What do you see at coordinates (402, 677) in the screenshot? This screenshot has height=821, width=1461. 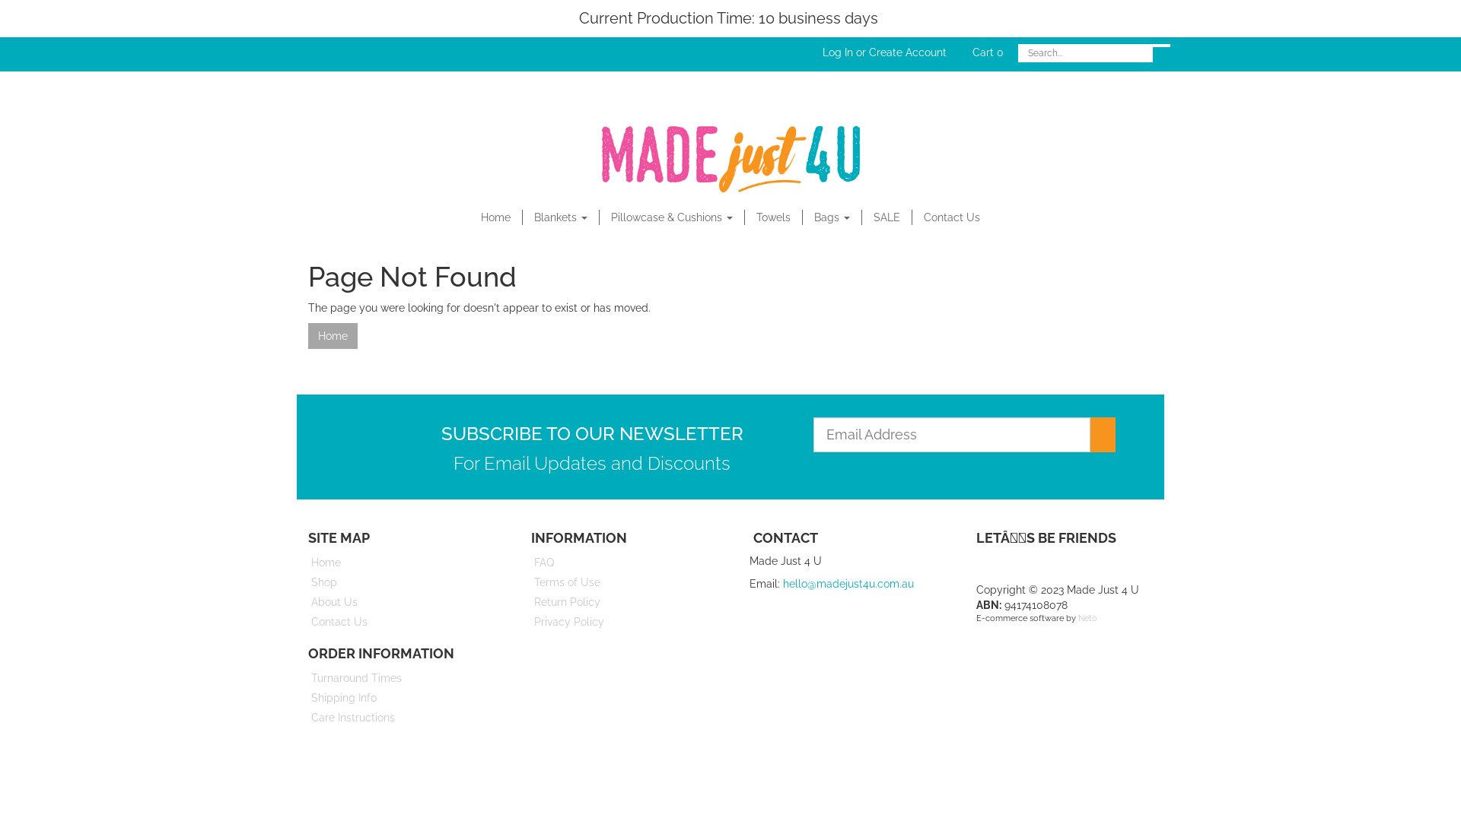 I see `'Turnaround Times'` at bounding box center [402, 677].